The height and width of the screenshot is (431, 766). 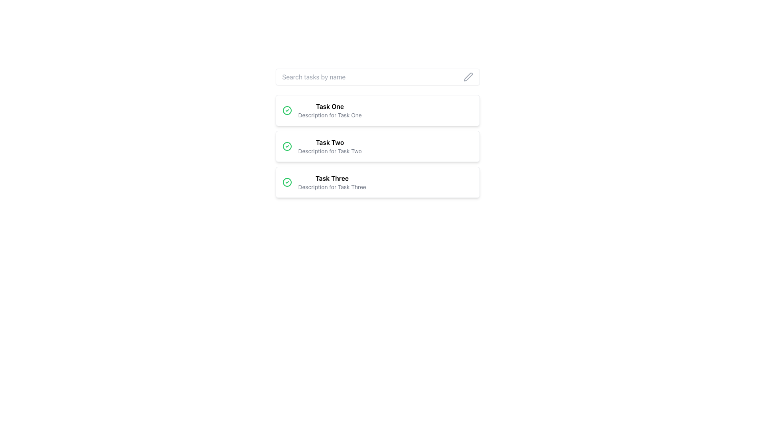 I want to click on the Text Block containing the title 'Task Two' and description 'Description for Task Two', which is centrally located in the second item of the task list, so click(x=330, y=146).